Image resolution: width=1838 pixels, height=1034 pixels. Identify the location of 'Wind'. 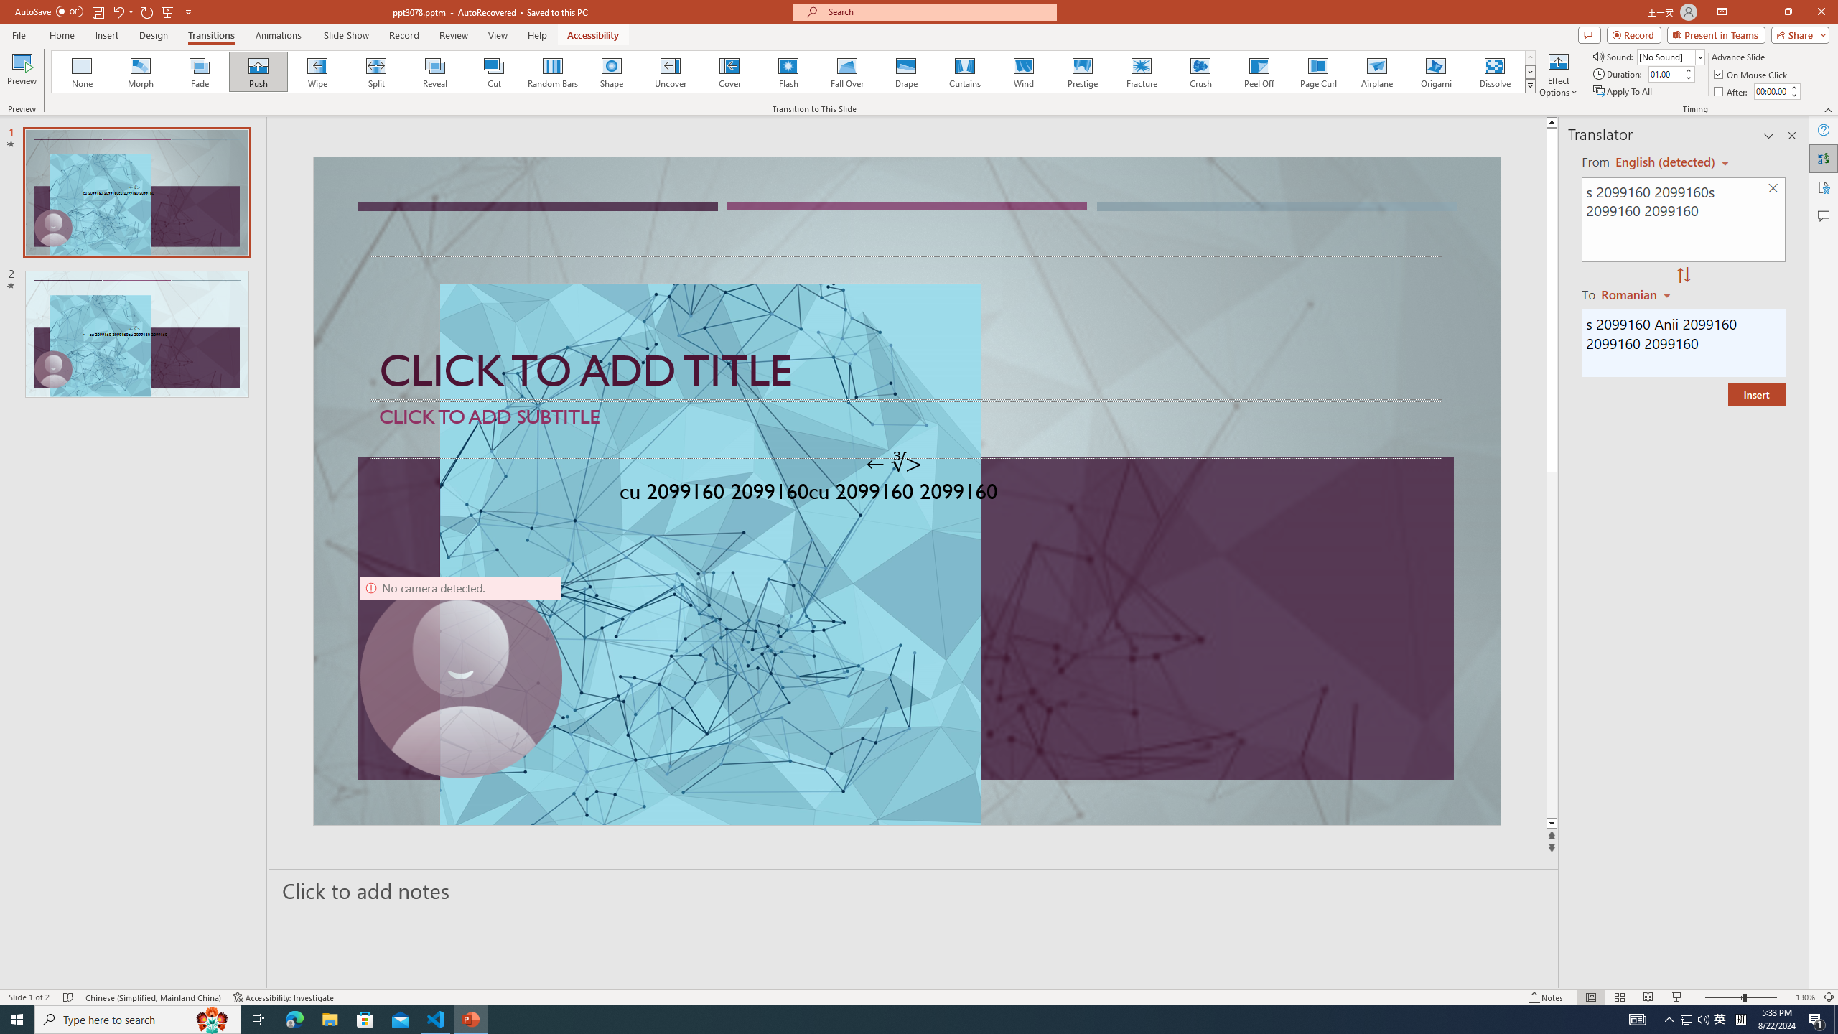
(1022, 71).